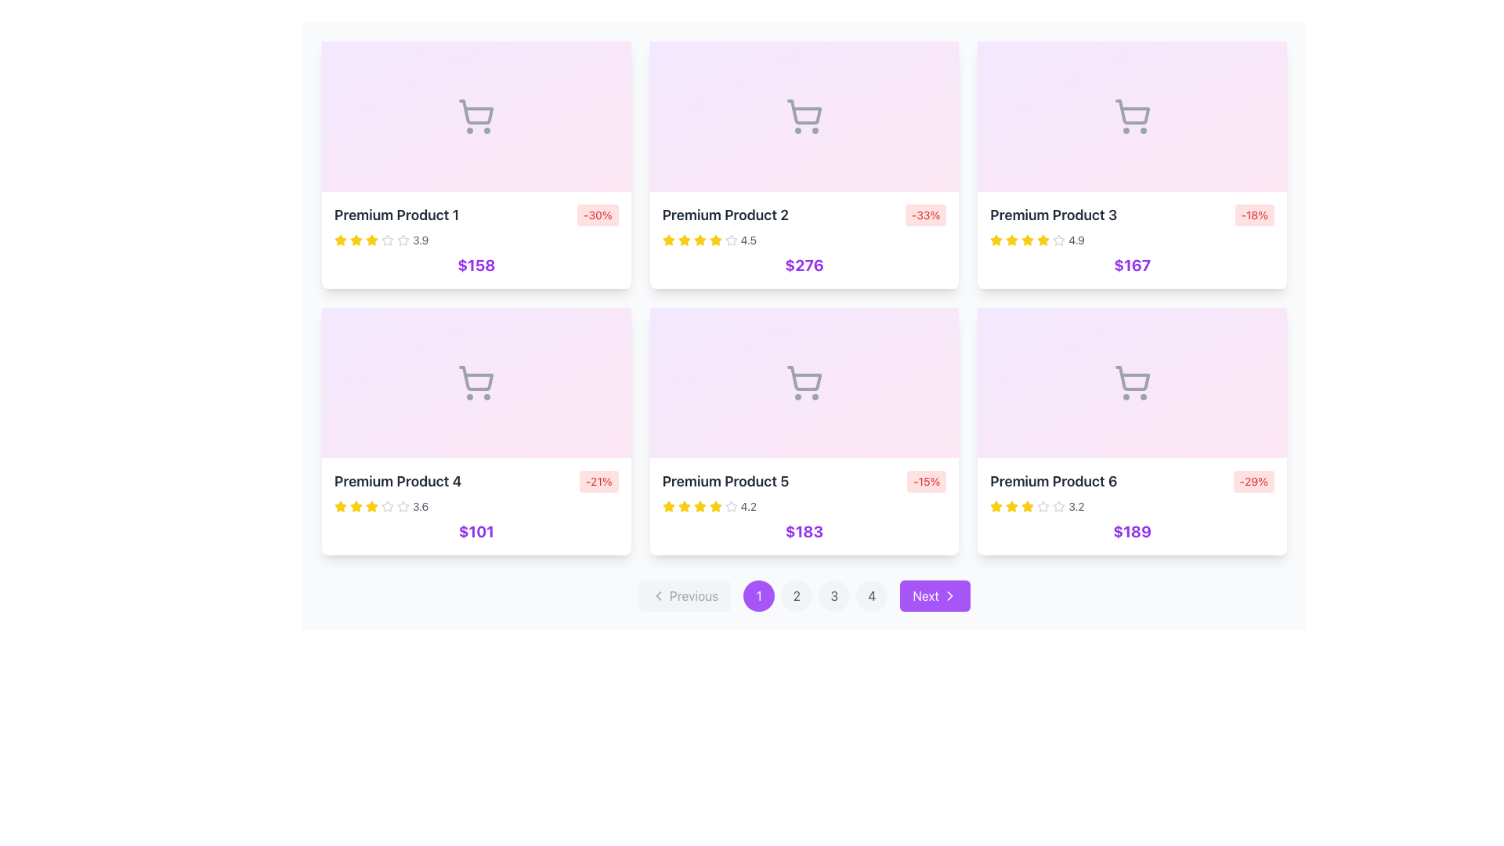 Image resolution: width=1504 pixels, height=846 pixels. What do you see at coordinates (699, 507) in the screenshot?
I see `the fifth yellow star icon in the rating system for the 'Premium Product 5' located on the second row of the product grid` at bounding box center [699, 507].